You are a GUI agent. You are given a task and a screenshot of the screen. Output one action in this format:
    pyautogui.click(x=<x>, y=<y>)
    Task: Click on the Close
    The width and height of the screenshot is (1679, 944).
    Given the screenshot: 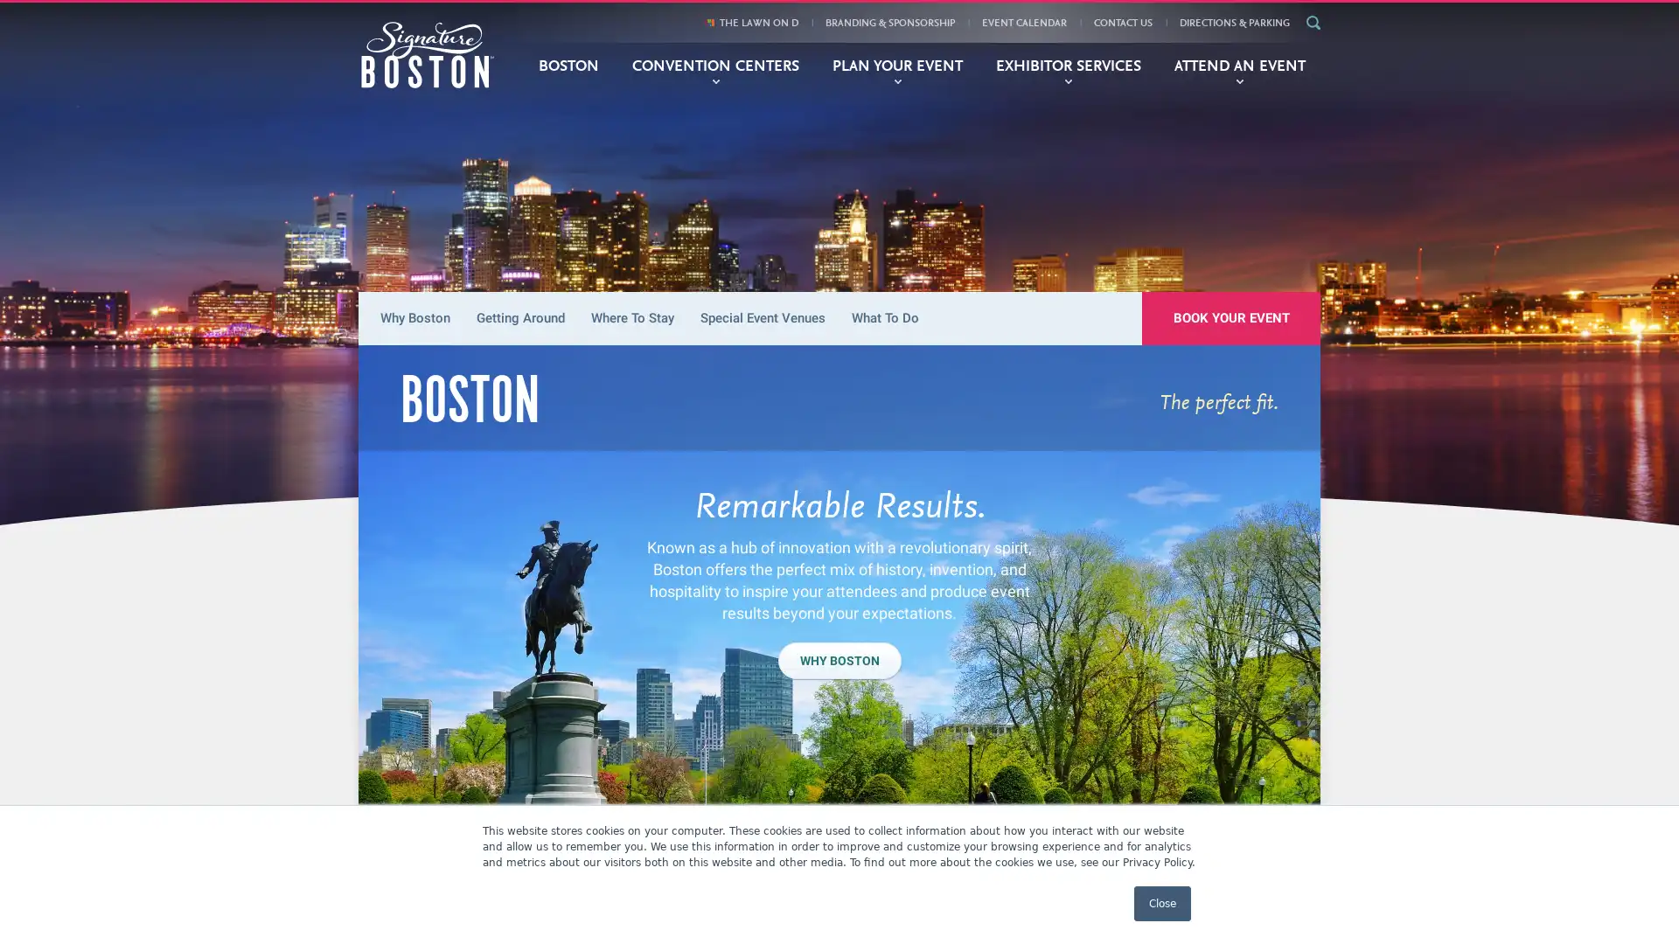 What is the action you would take?
    pyautogui.click(x=1162, y=903)
    